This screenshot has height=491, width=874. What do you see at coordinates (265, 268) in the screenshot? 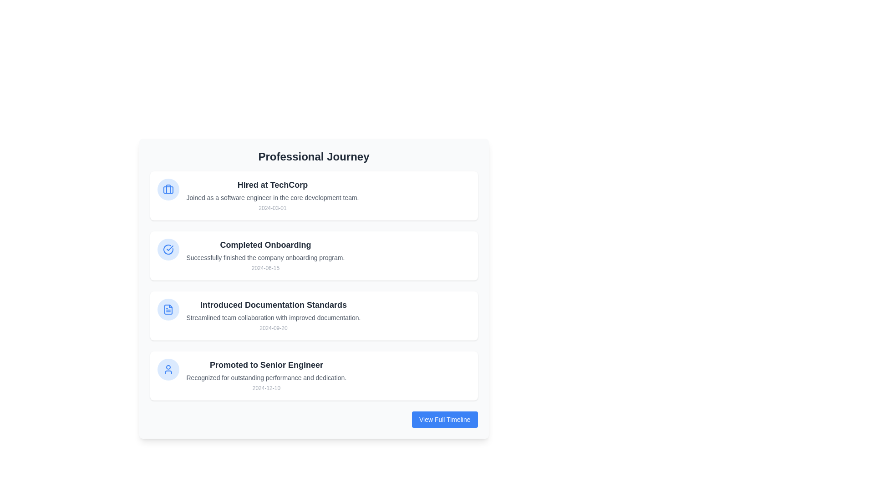
I see `the text label displaying the date '2024-06-15', which is styled in a small, gray font and located at the bottom of the 'Completed Onboarding' entry in the professional journey timeline` at bounding box center [265, 268].